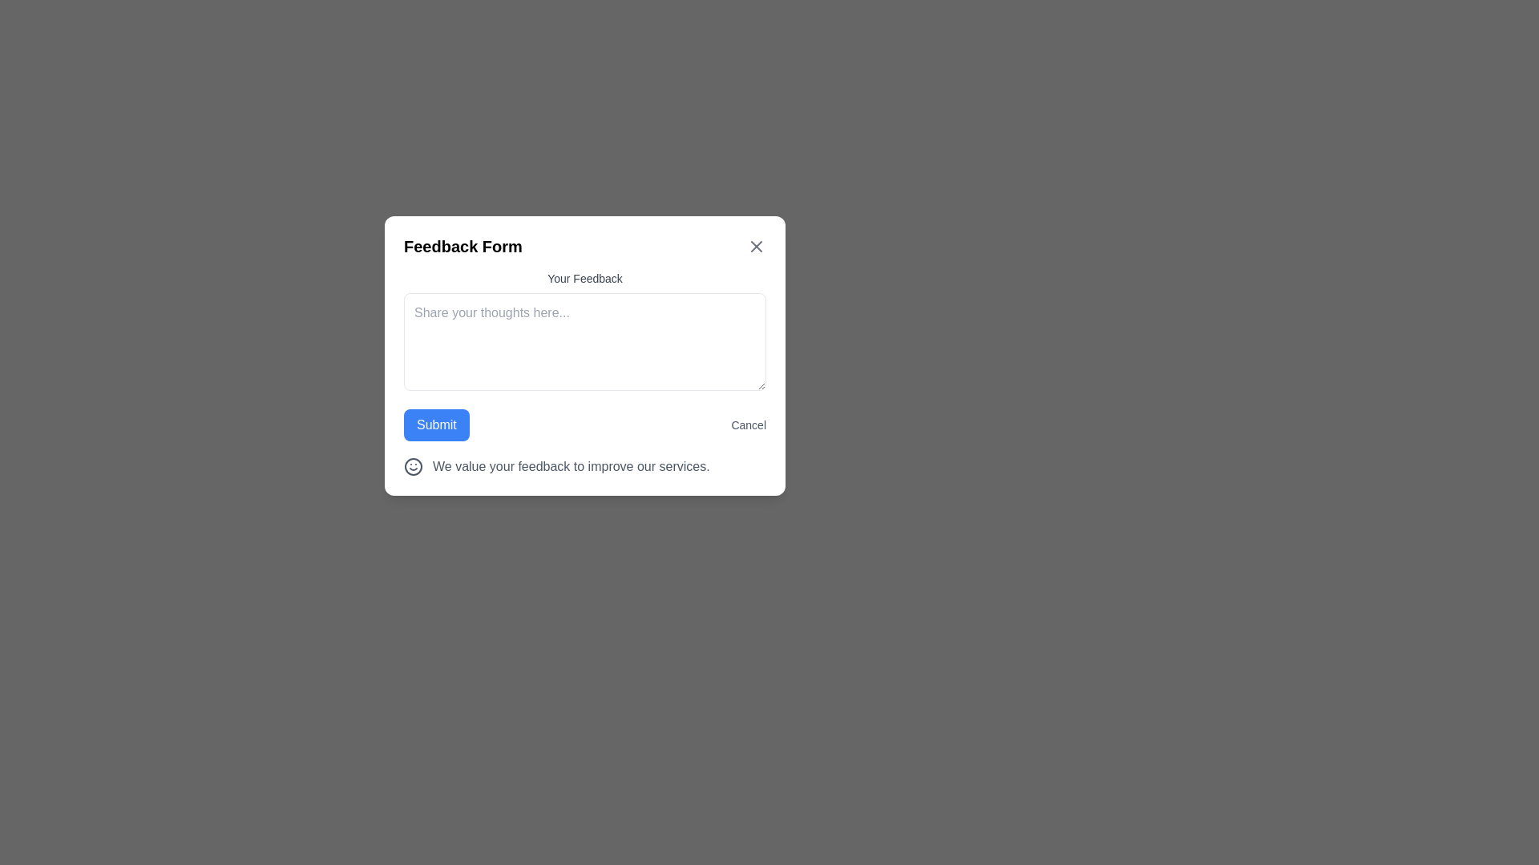 This screenshot has width=1539, height=865. What do you see at coordinates (571, 466) in the screenshot?
I see `the text label reading 'We value your feedback to improve our services.' located in the 'Feedback Form' modal, positioned centrally below the 'Submit' and 'Cancel' buttons, to read it more clearly` at bounding box center [571, 466].